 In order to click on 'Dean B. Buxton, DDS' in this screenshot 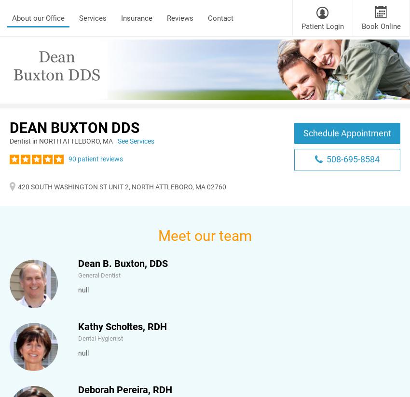, I will do `click(123, 263)`.